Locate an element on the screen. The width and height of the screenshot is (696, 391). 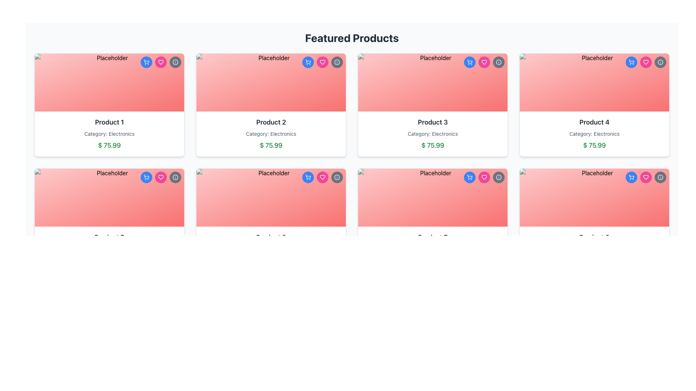
the heart-shaped icon button outlined with a pink stroke in the 'Product 2' card is located at coordinates (322, 177).